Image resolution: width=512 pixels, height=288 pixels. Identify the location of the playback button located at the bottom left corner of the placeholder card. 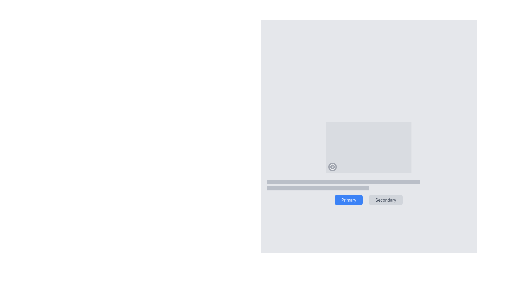
(332, 166).